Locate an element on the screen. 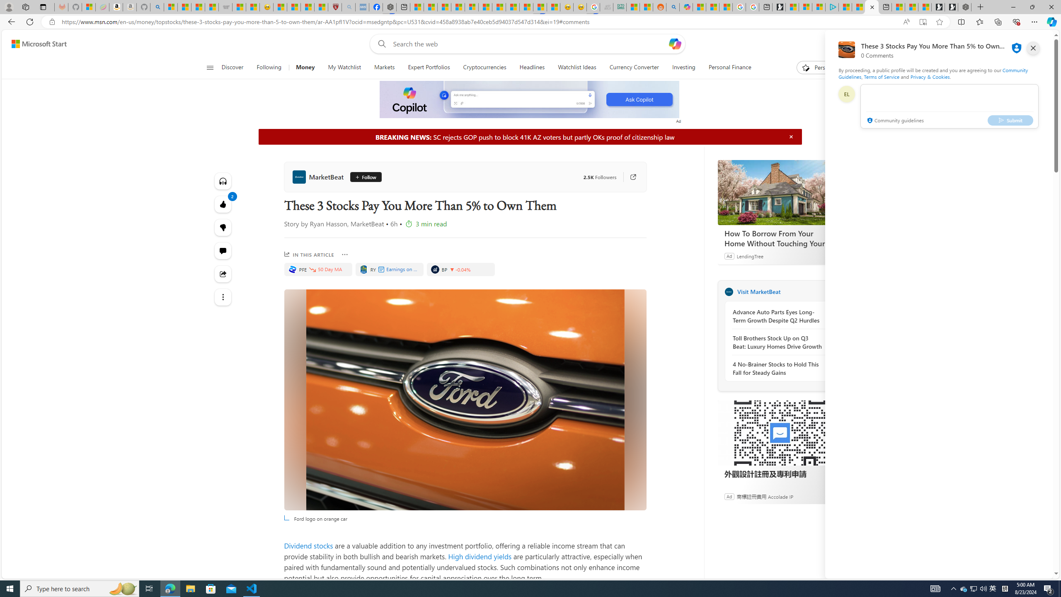  'Advance Auto Parts Eyes Long-Term Growth Despite Q2 Hurdles' is located at coordinates (777, 316).